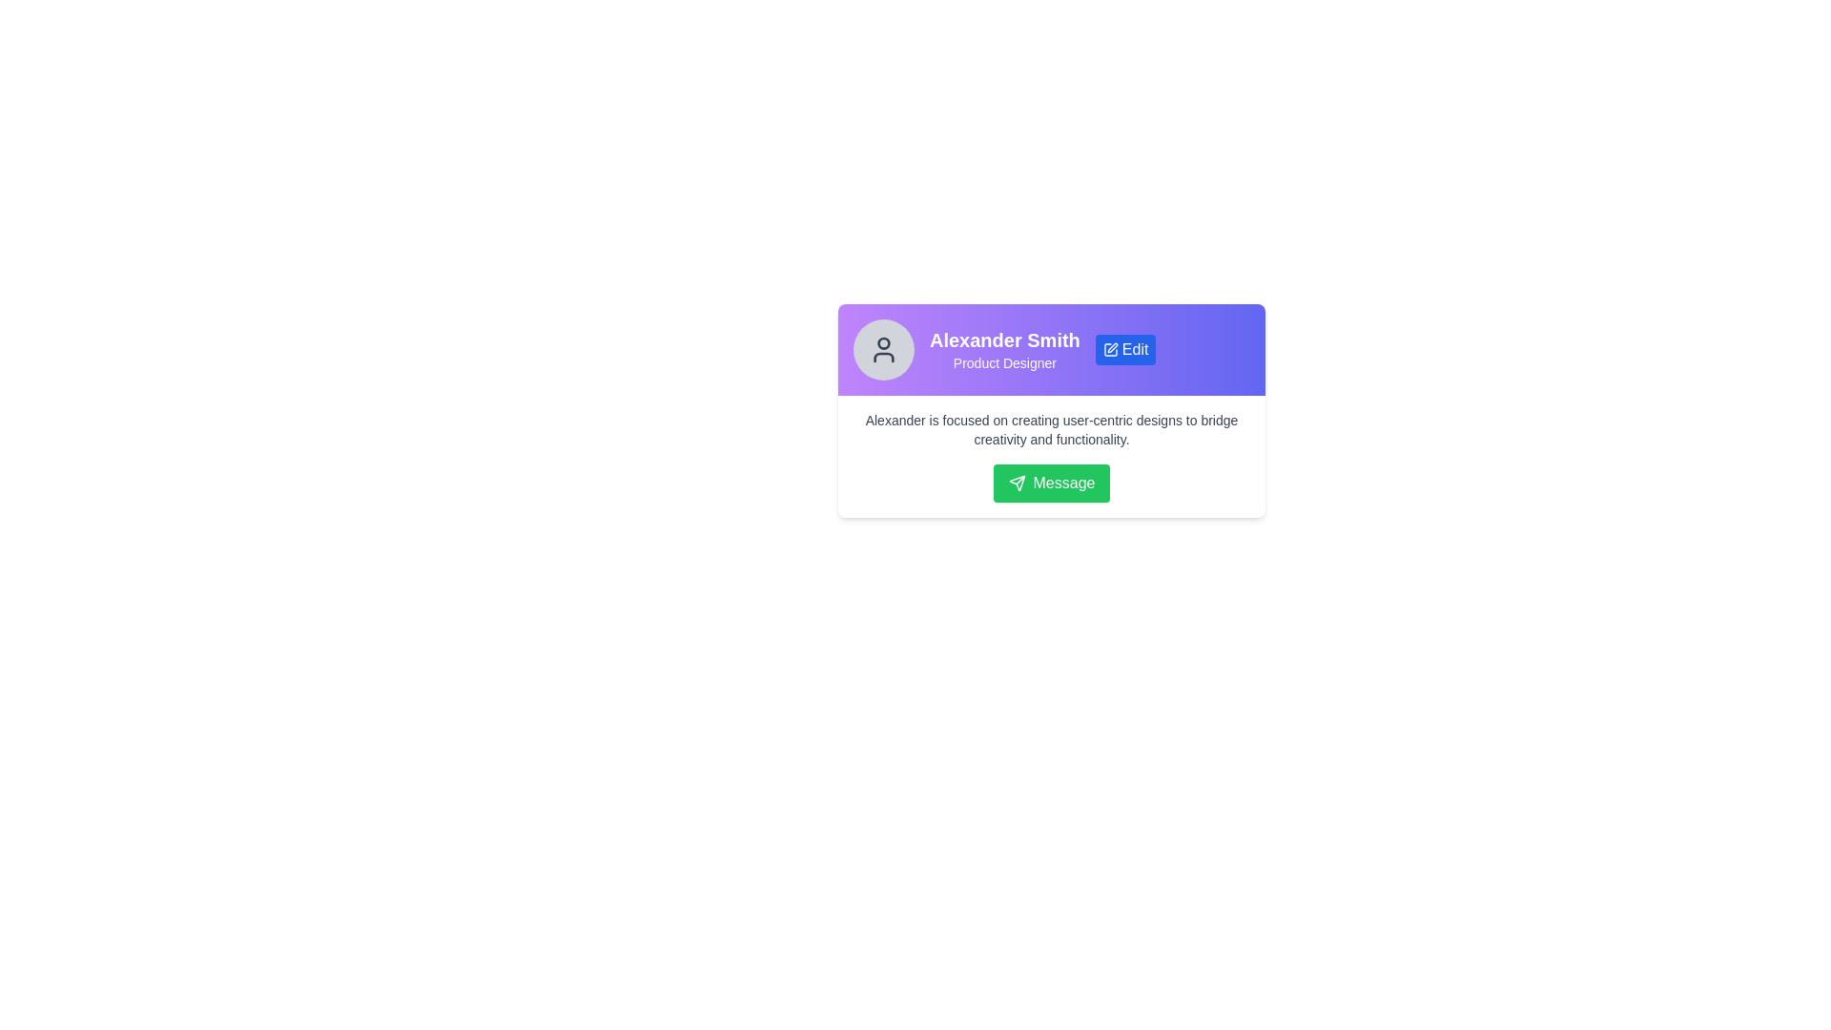  What do you see at coordinates (1051, 456) in the screenshot?
I see `the green 'Message' button located below the descriptive text about Alexander's focus on designing user-centric solutions to initiate a messaging action` at bounding box center [1051, 456].